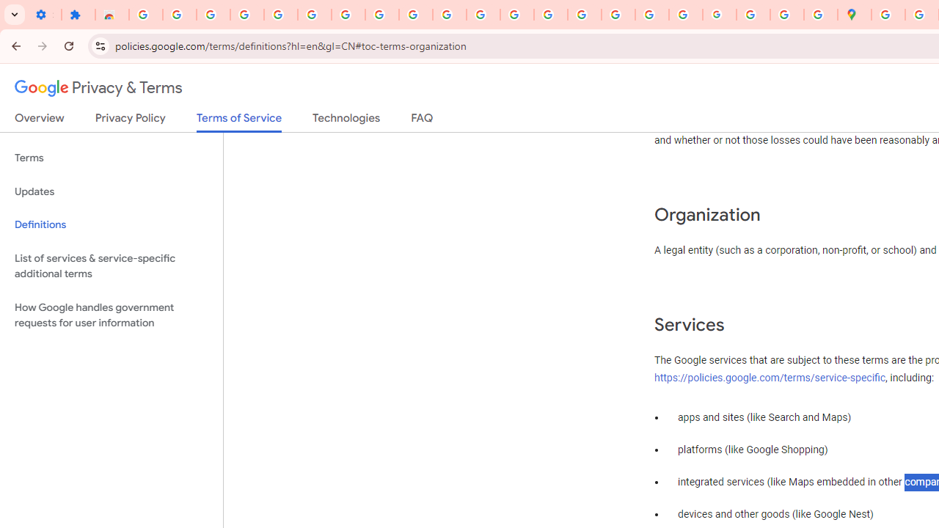  Describe the element at coordinates (280, 15) in the screenshot. I see `'Sign in - Google Accounts'` at that location.